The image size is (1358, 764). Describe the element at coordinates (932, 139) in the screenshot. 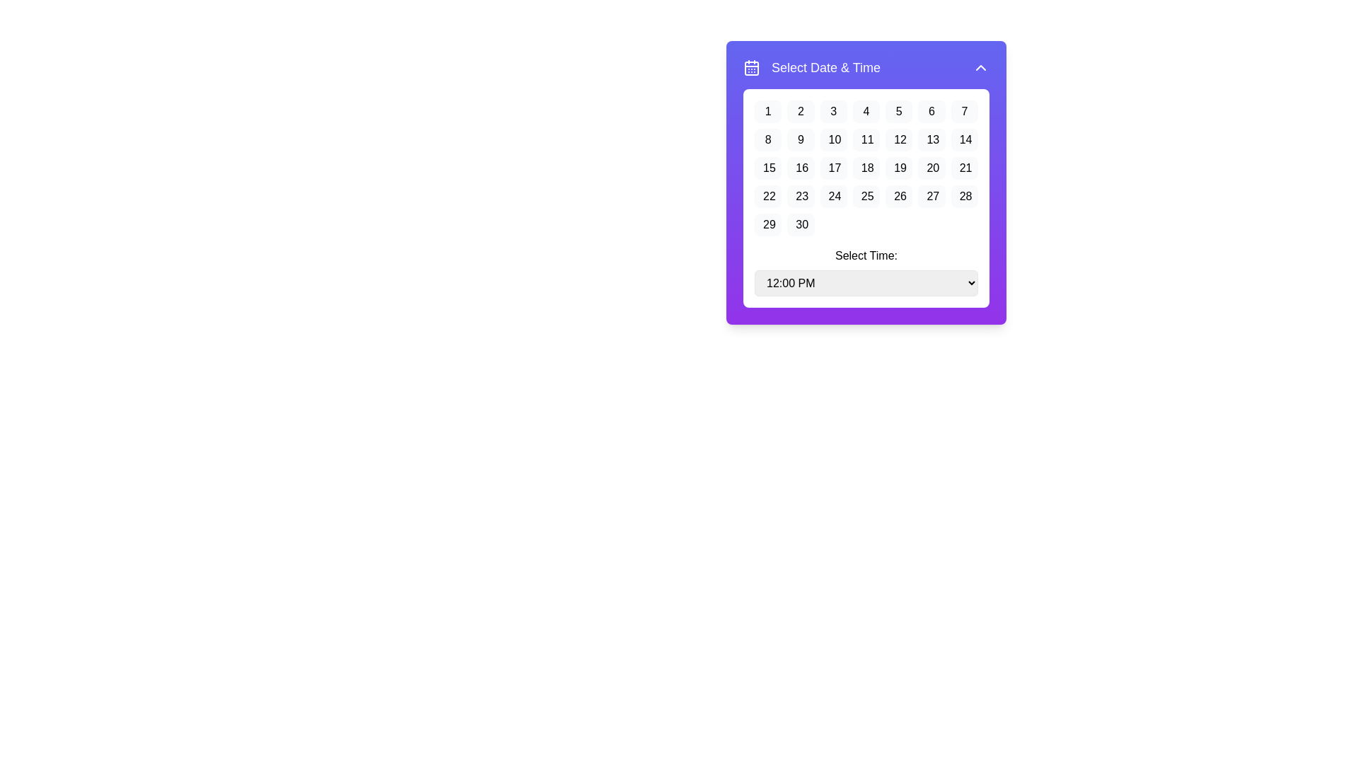

I see `the button displaying '13' in a calendar interface, which is the 6th item in the second row of a grid layout` at that location.